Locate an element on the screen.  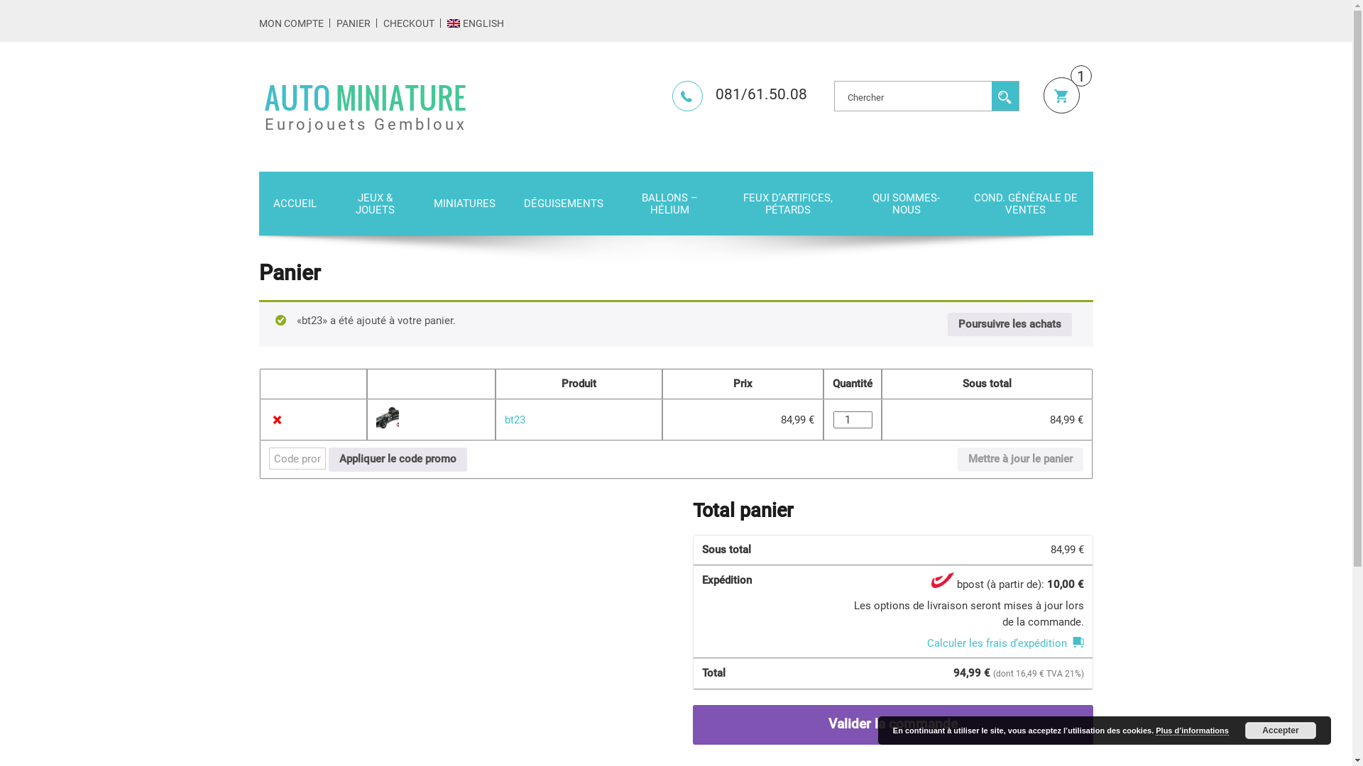
'Poursuivre les achats' is located at coordinates (1009, 325).